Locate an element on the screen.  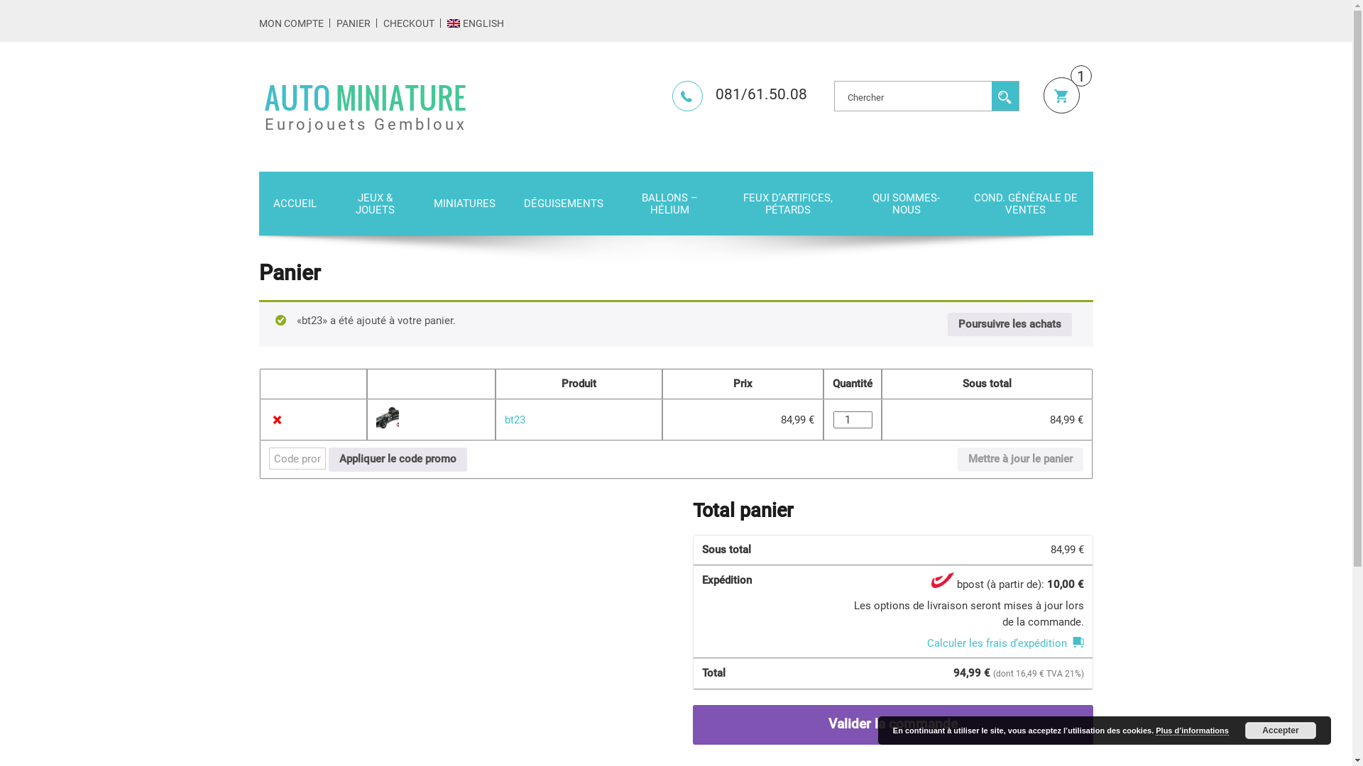
'Poursuivre les achats' is located at coordinates (1009, 325).